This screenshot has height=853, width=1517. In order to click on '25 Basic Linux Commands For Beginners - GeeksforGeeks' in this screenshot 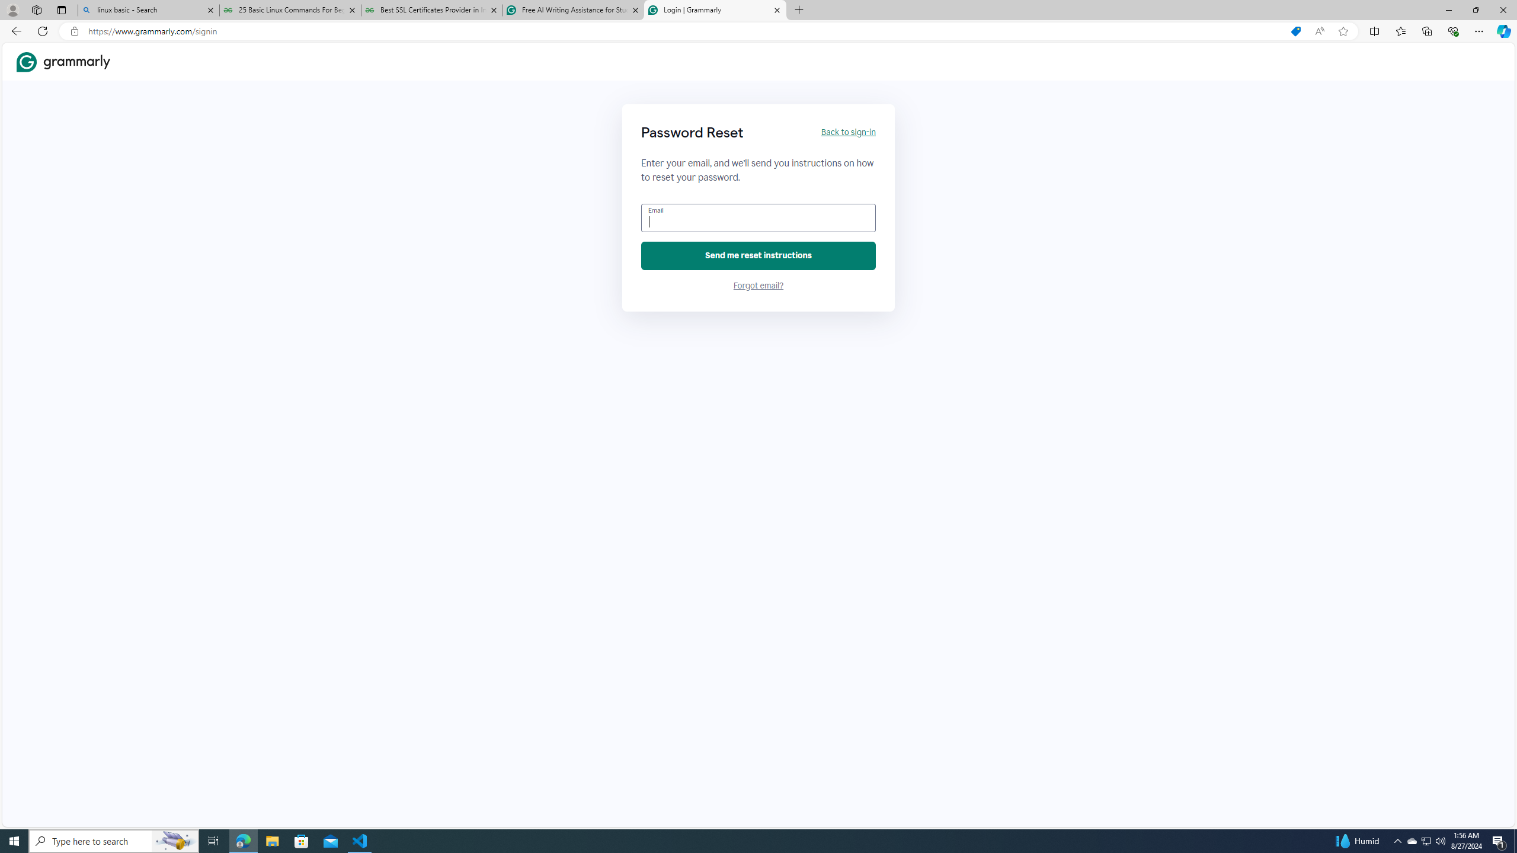, I will do `click(289, 9)`.